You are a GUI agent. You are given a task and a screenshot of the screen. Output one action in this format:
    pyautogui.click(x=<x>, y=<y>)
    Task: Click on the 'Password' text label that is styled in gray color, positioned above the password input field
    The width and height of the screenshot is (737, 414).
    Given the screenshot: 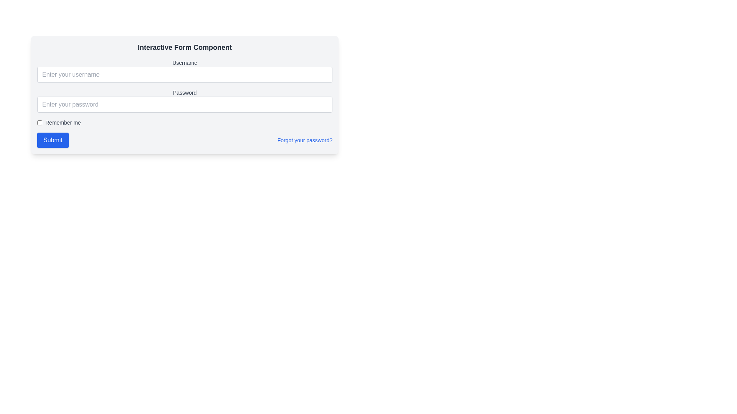 What is the action you would take?
    pyautogui.click(x=185, y=92)
    